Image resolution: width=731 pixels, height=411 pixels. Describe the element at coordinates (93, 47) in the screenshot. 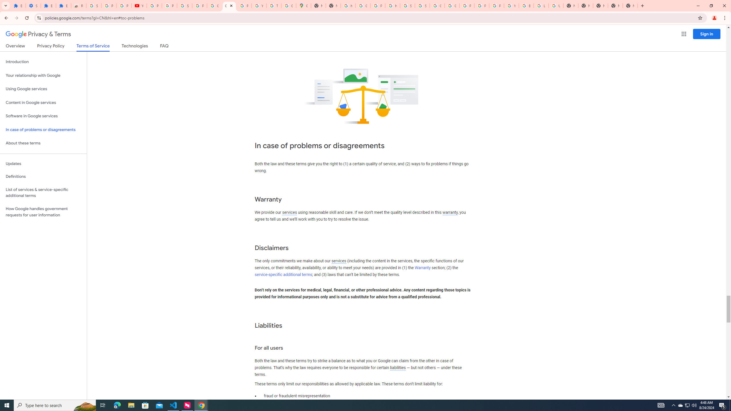

I see `'Terms of Service'` at that location.